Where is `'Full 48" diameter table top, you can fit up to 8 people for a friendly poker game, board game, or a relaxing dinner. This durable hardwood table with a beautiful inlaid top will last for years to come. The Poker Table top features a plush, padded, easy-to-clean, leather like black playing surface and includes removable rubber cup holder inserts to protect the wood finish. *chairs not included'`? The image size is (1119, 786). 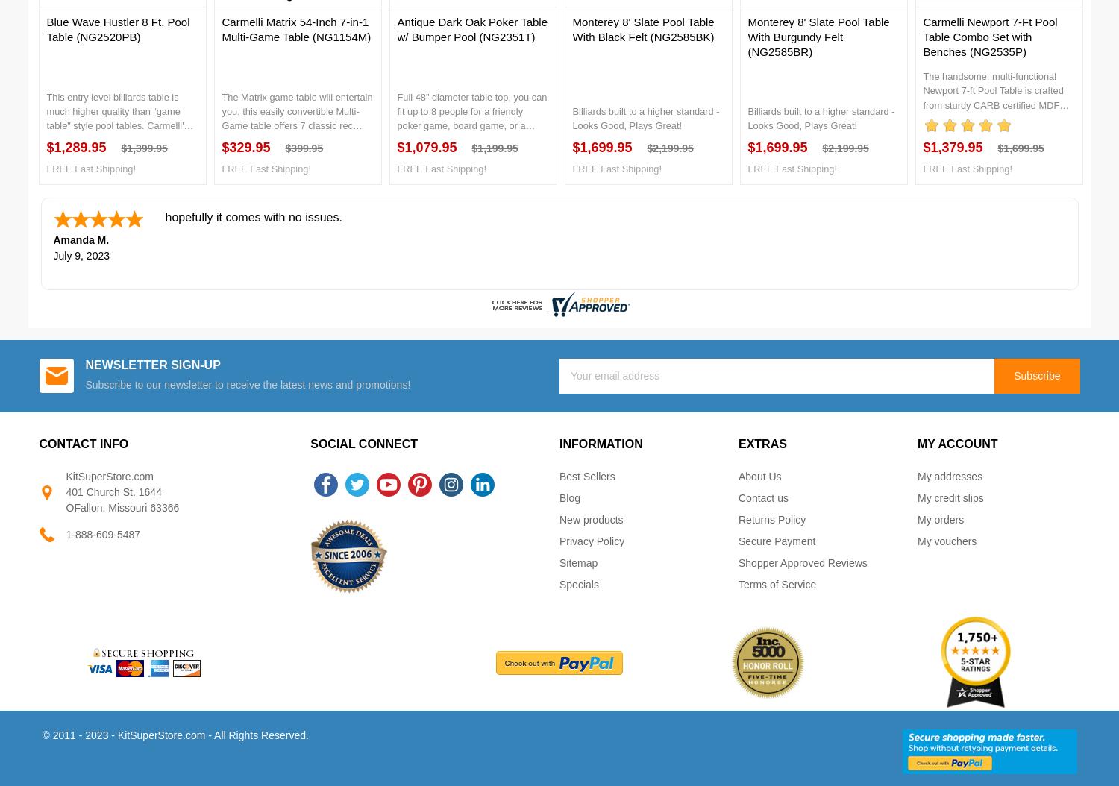 'Full 48" diameter table top, you can fit up to 8 people for a friendly poker game, board game, or a relaxing dinner. This durable hardwood table with a beautiful inlaid top will last for years to come. The Poker Table top features a plush, padded, easy-to-clean, leather like black playing surface and includes removable rubber cup holder inserts to protect the wood finish. *chairs not included' is located at coordinates (472, 175).